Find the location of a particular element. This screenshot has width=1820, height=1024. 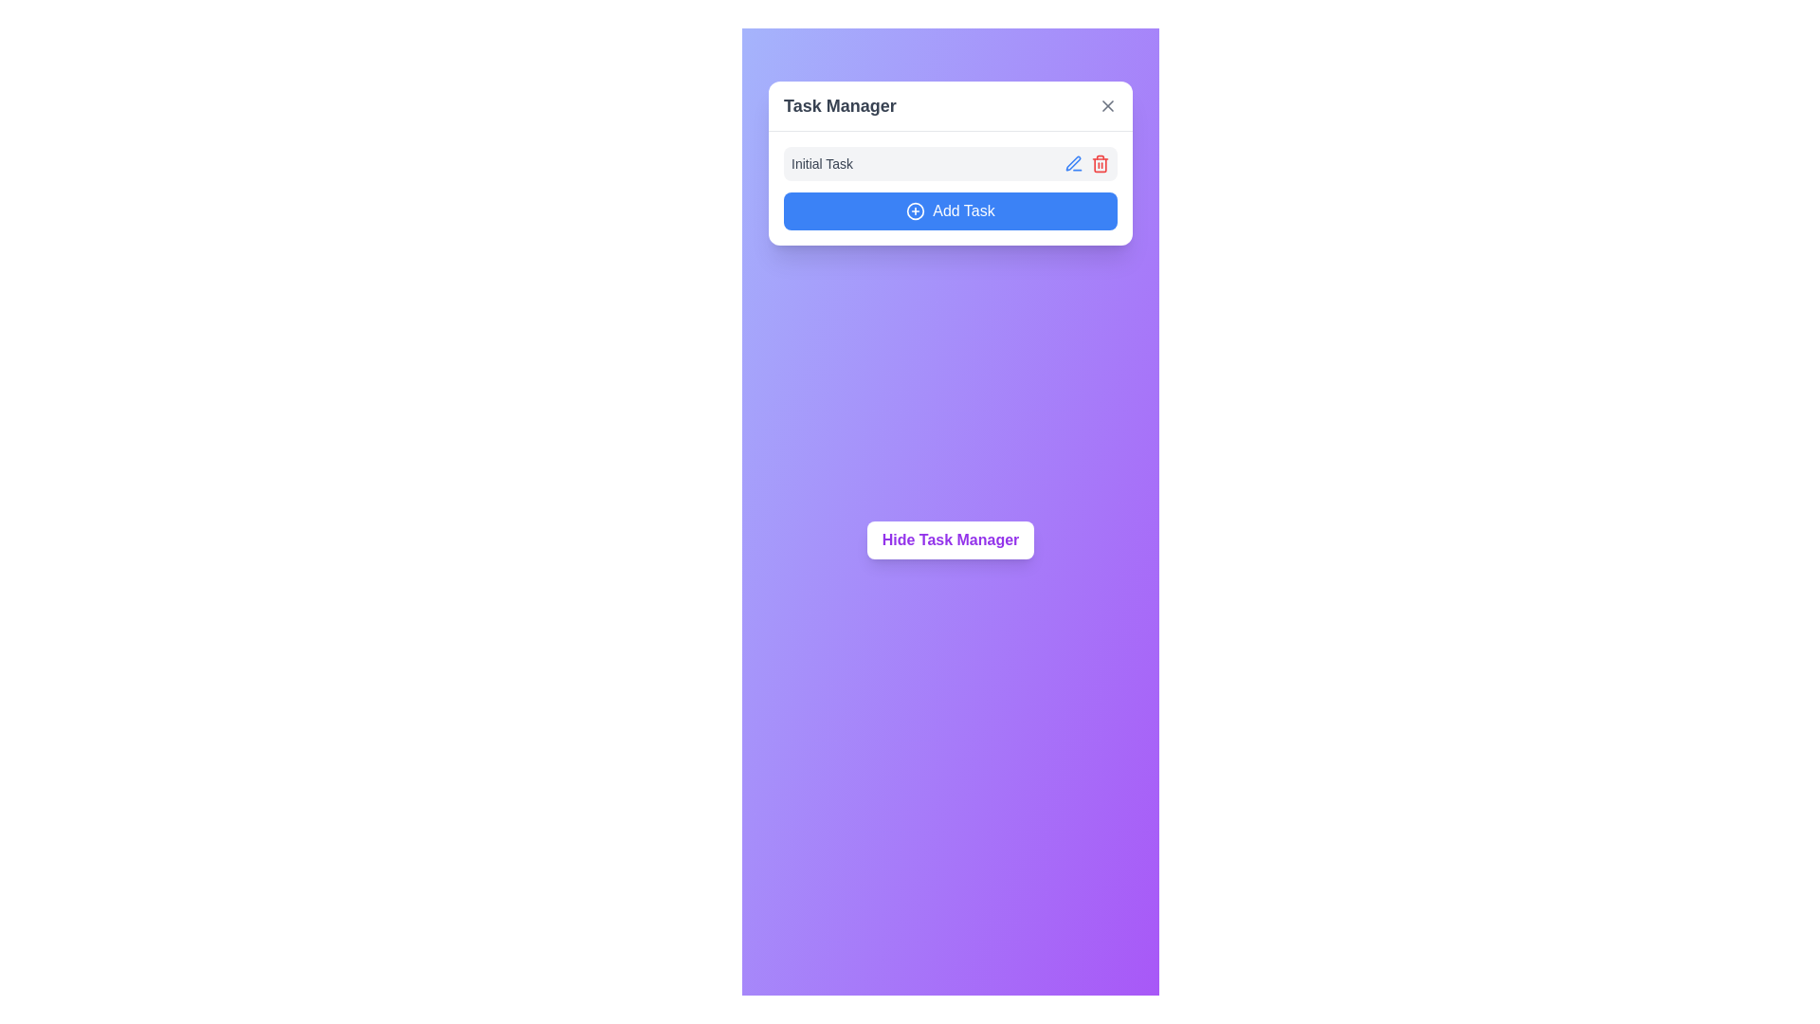

the trash can icon button located in the top right corner of the 'Task Manager' modal box is located at coordinates (1101, 163).